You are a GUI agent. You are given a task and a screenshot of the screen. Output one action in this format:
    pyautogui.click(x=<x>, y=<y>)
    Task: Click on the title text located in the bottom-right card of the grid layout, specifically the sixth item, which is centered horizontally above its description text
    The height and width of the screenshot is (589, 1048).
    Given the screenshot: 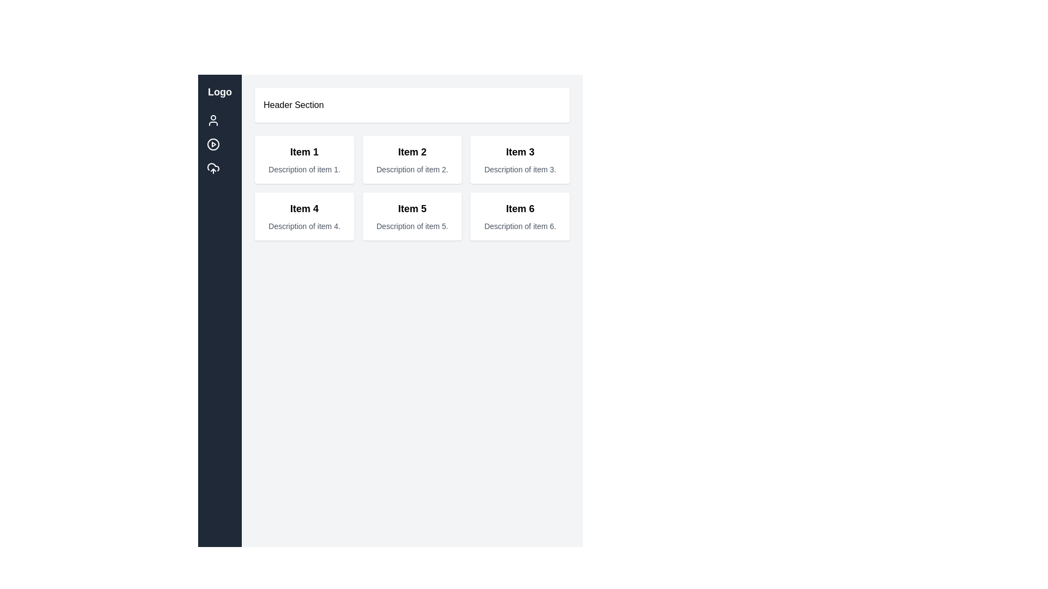 What is the action you would take?
    pyautogui.click(x=520, y=208)
    